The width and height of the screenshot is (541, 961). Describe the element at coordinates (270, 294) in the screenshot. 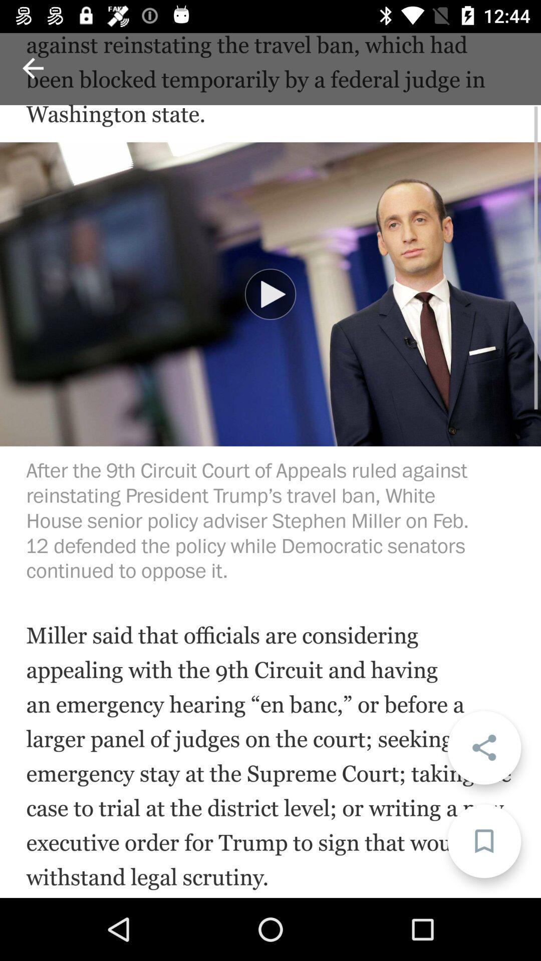

I see `play` at that location.